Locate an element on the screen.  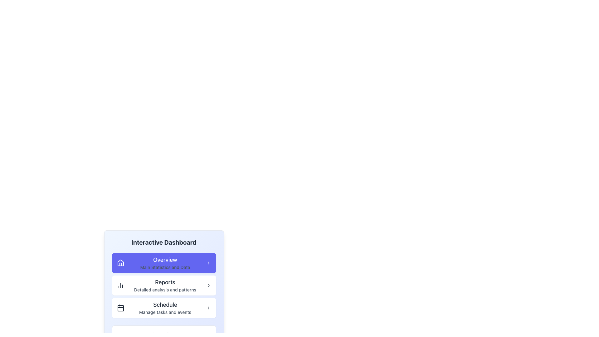
the calendar icon with a square outline and a grid design located to the left of the 'Schedule' text in the 'Manage tasks and events' section is located at coordinates (120, 308).